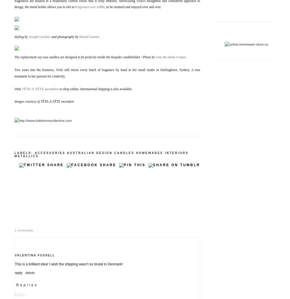  What do you see at coordinates (79, 36) in the screenshot?
I see `'Daniel Gurton'` at bounding box center [79, 36].